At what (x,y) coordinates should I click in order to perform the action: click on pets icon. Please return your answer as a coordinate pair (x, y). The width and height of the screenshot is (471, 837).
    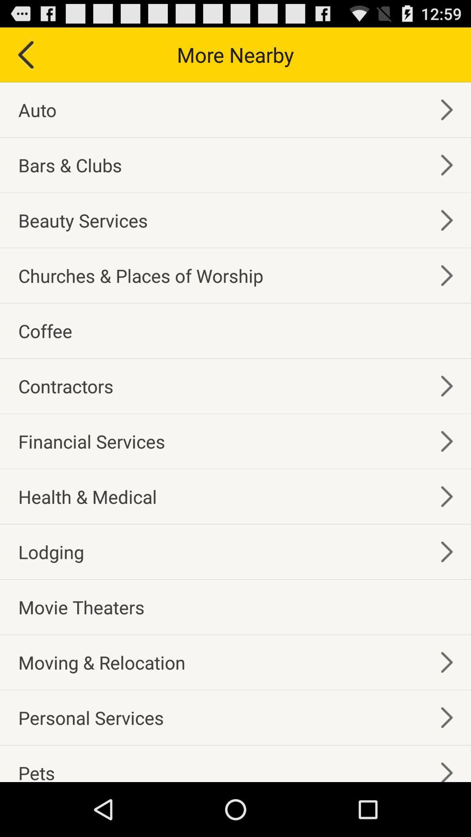
    Looking at the image, I should click on (36, 771).